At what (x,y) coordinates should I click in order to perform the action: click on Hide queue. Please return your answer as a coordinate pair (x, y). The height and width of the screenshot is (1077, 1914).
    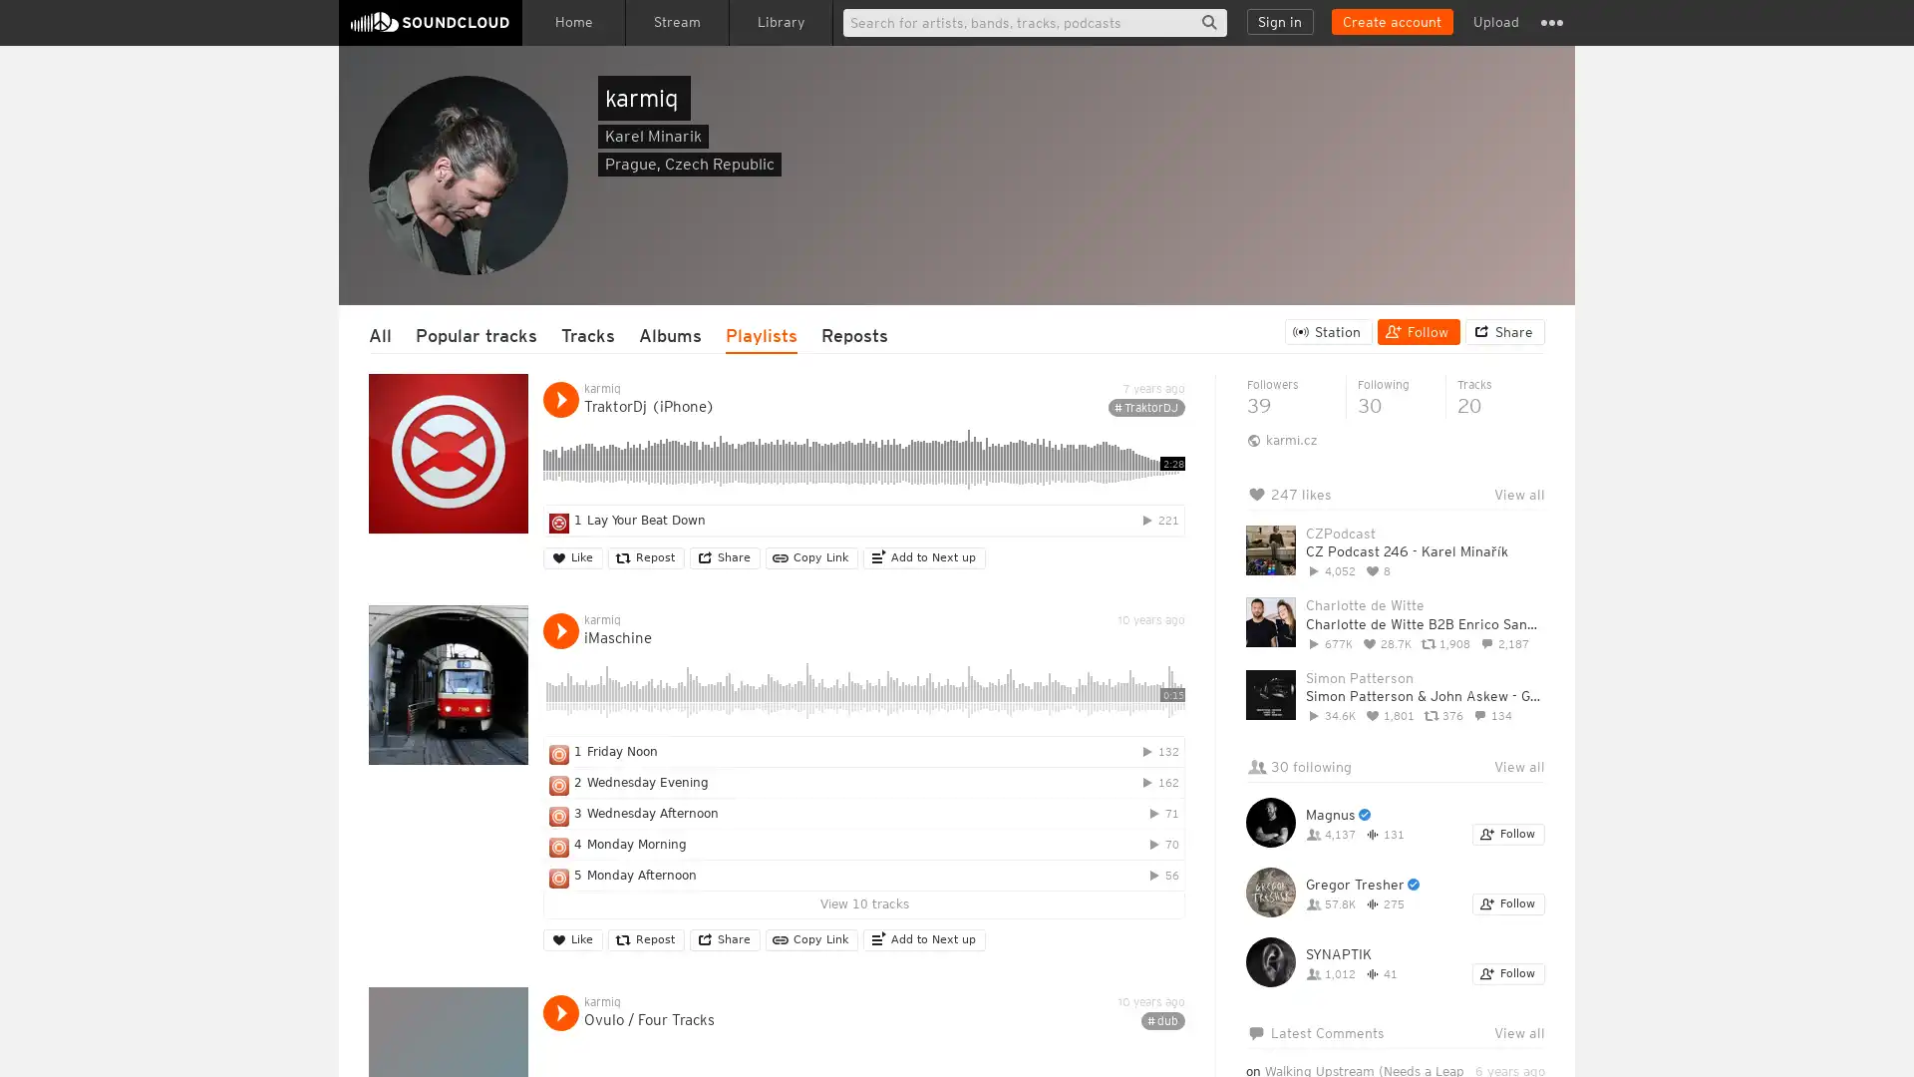
    Looking at the image, I should click on (1531, 544).